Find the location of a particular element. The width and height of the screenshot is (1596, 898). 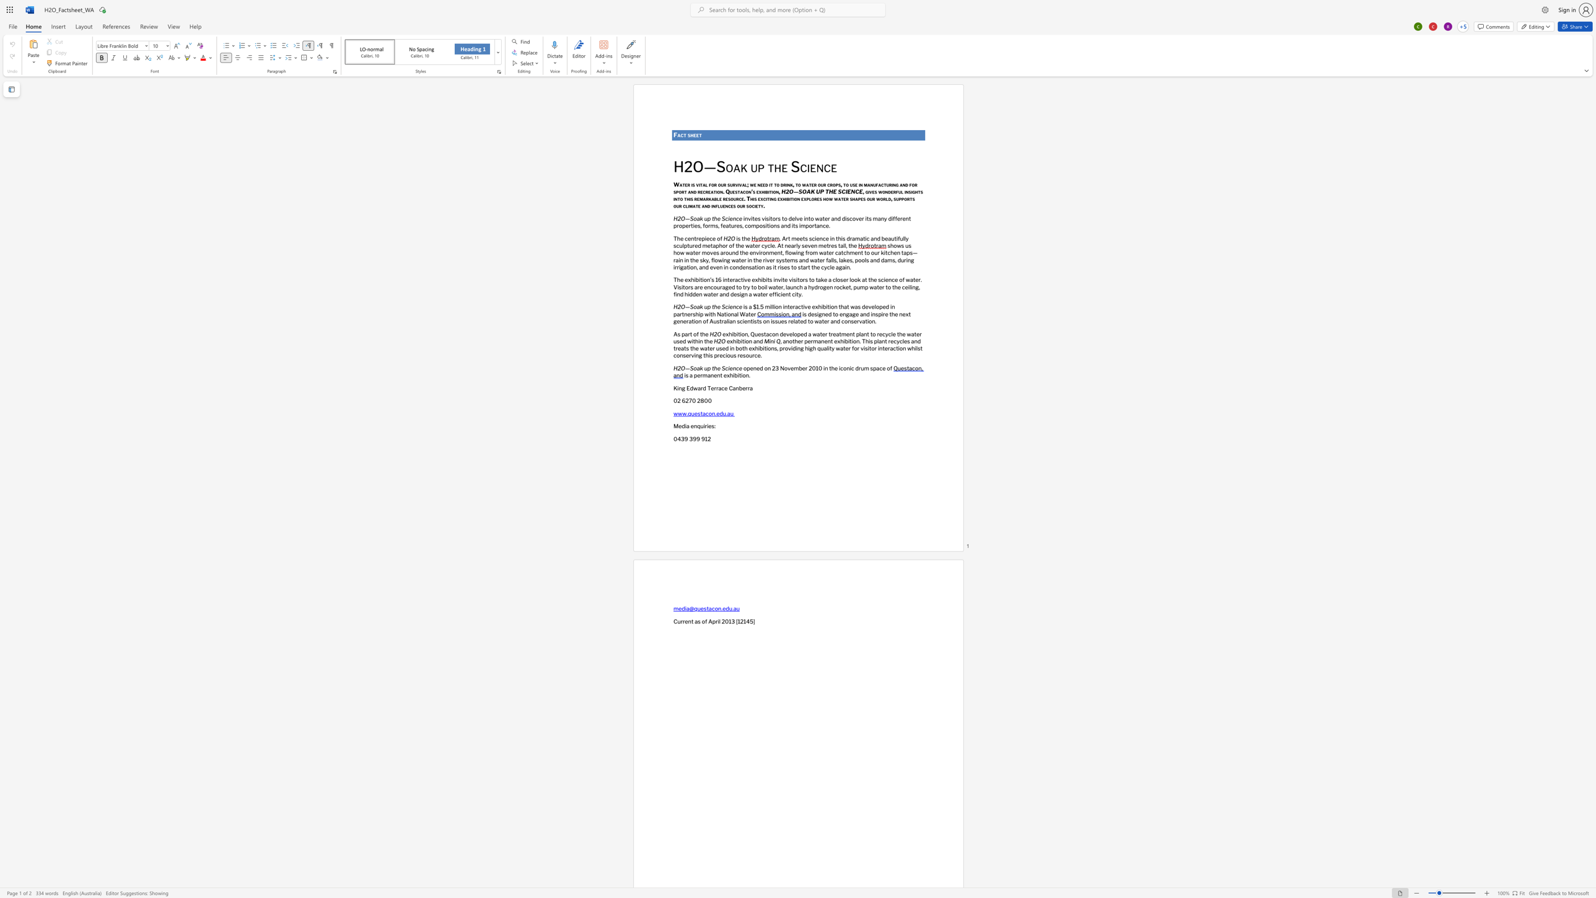

the 1th character "s" in the text is located at coordinates (689, 135).